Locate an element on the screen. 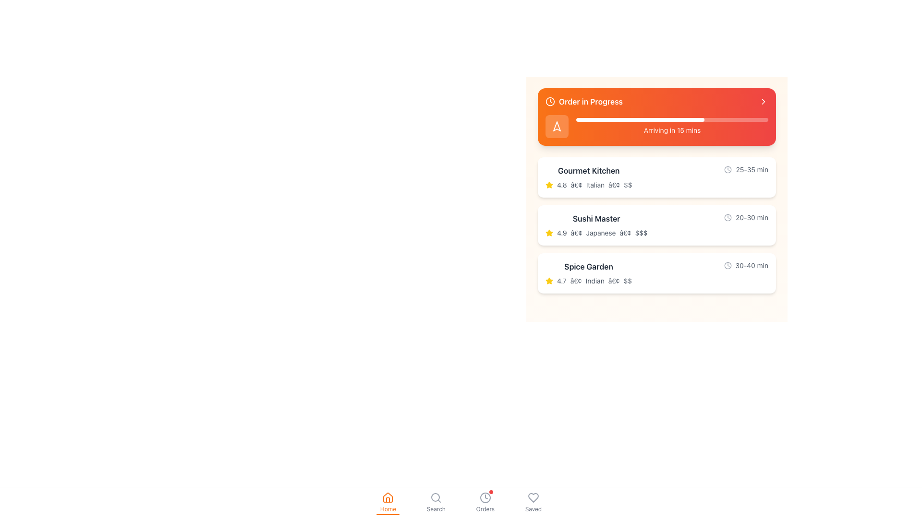 This screenshot has width=922, height=518. the 'Order in Progress' banner which displays a clock icon on the left and a chevron icon on the right, set against a gradient orange to red background is located at coordinates (656, 102).